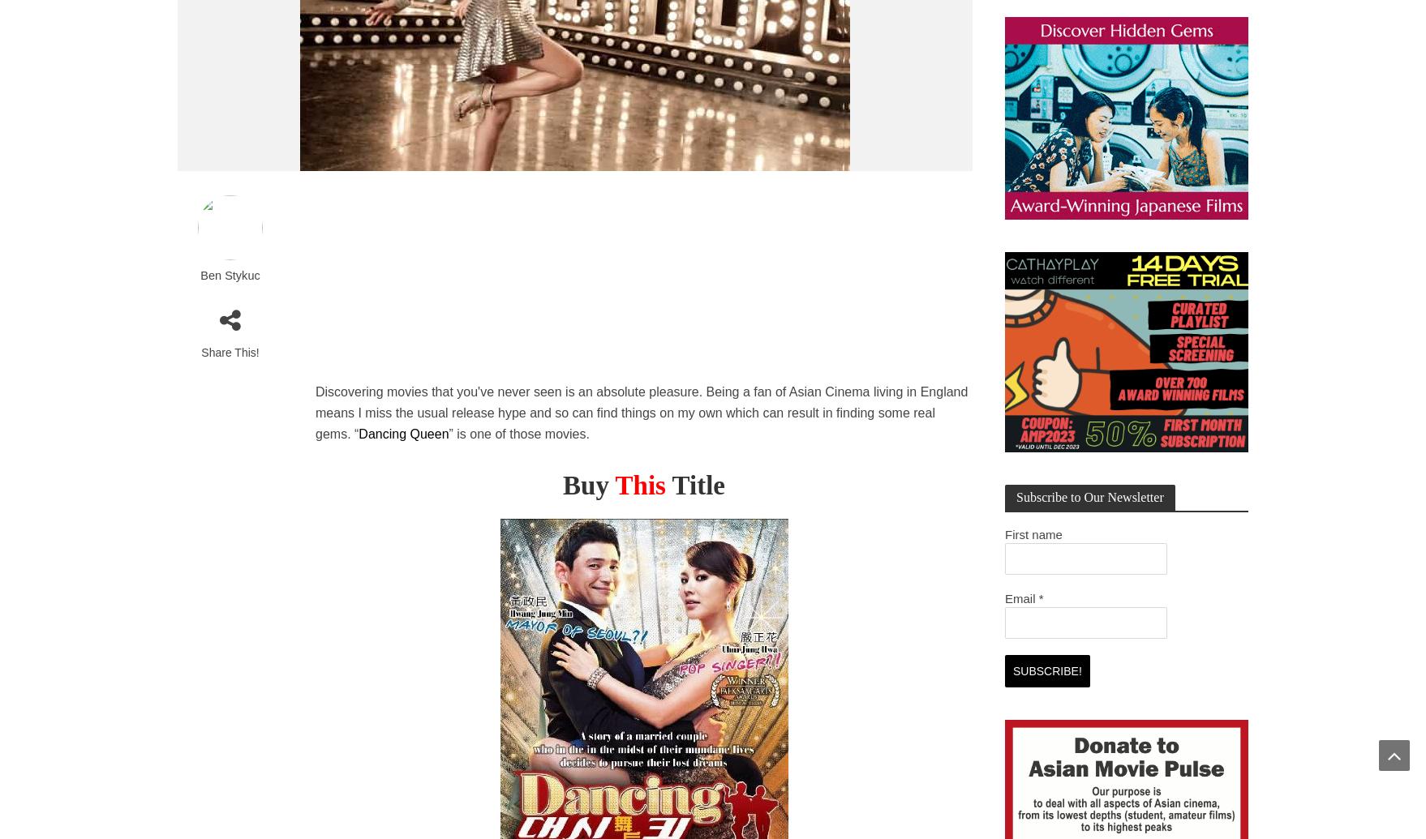 The image size is (1426, 839). What do you see at coordinates (199, 275) in the screenshot?
I see `'Ben Stykuc'` at bounding box center [199, 275].